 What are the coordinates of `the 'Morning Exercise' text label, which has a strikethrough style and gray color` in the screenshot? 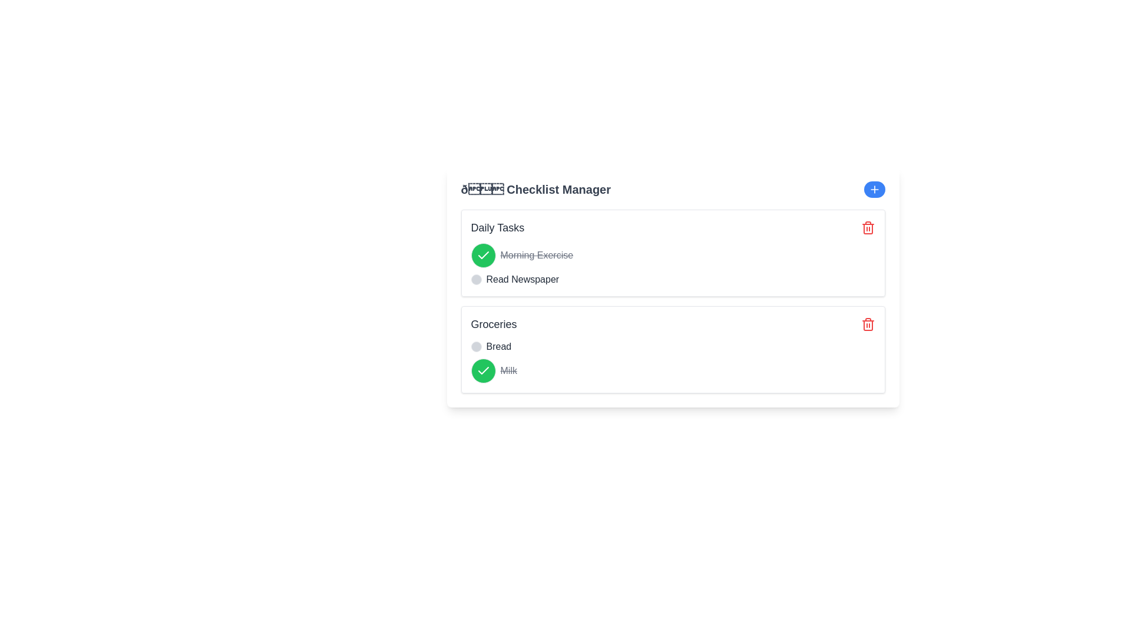 It's located at (536, 255).